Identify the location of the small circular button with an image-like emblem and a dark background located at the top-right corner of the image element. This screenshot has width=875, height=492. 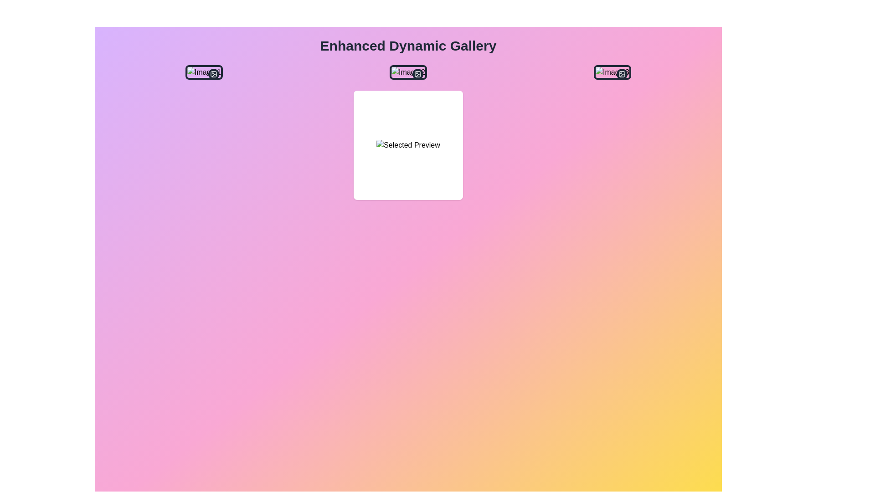
(213, 73).